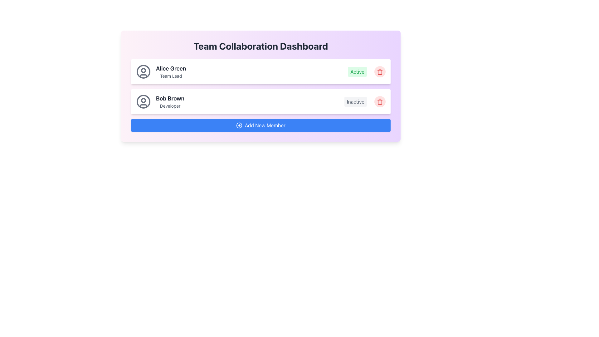 The height and width of the screenshot is (337, 599). Describe the element at coordinates (261, 86) in the screenshot. I see `displayed information from the list of user entries showing team members' details in the 'Team Collaboration Dashboard'` at that location.